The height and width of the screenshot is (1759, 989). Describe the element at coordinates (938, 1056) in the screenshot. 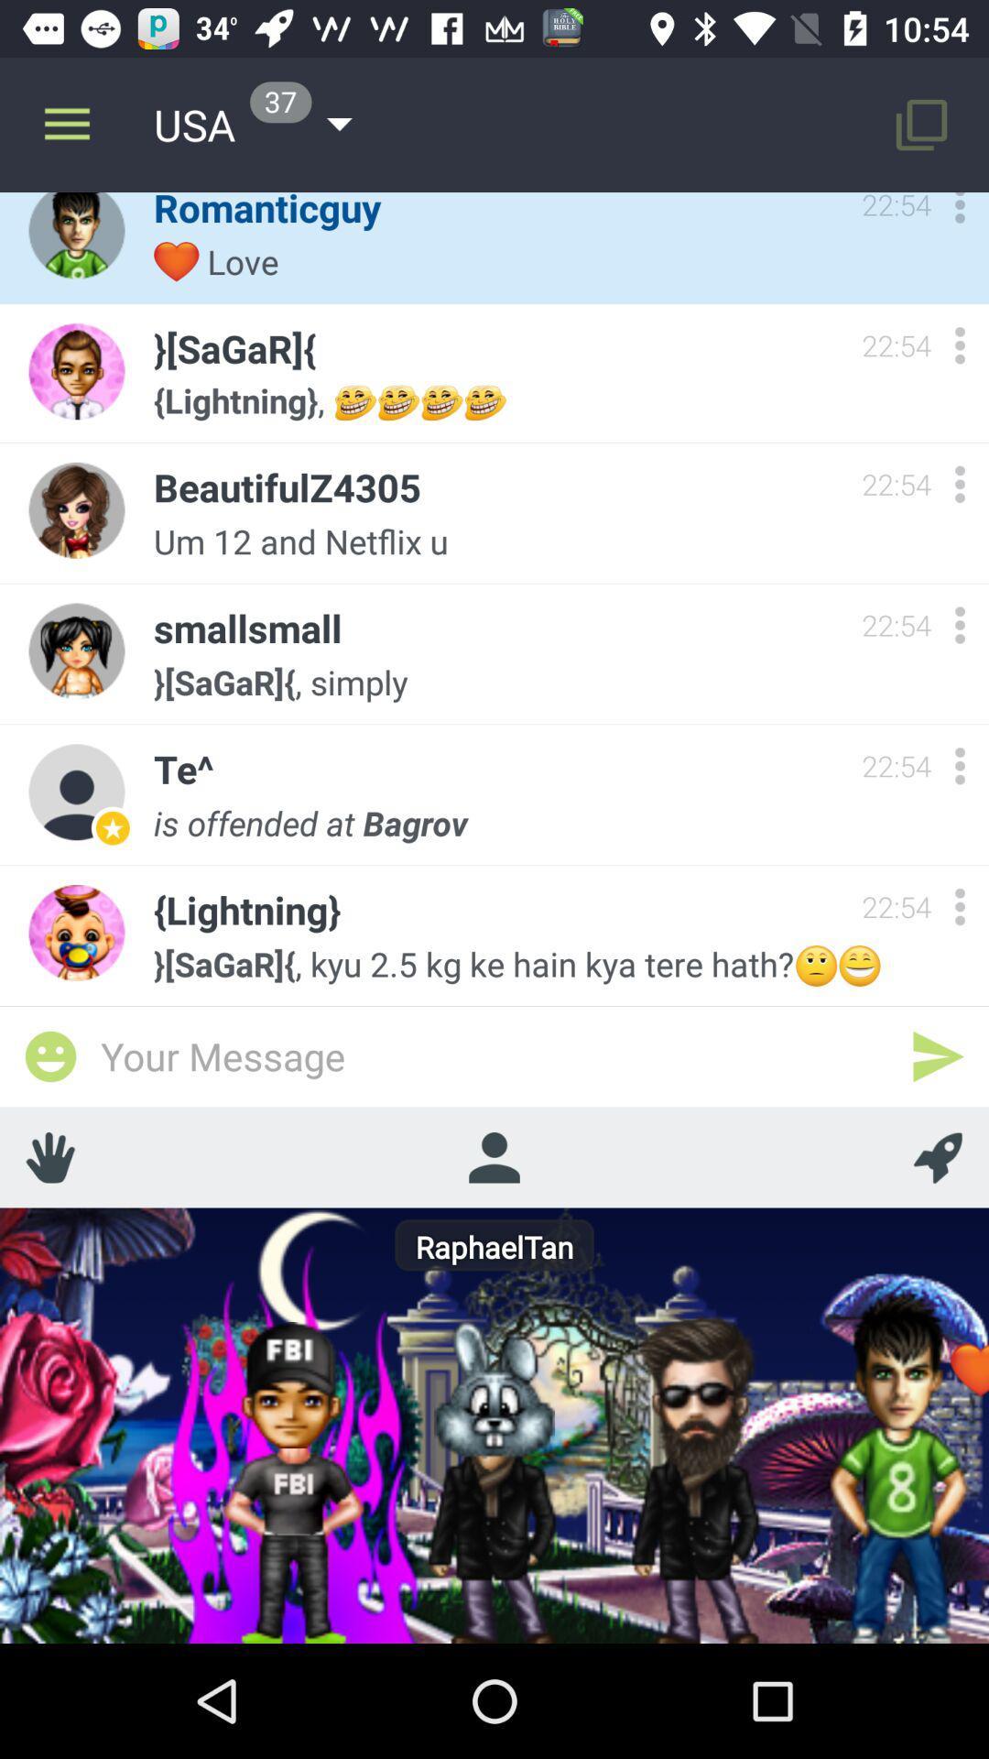

I see `icon below sagar kyu 2 item` at that location.